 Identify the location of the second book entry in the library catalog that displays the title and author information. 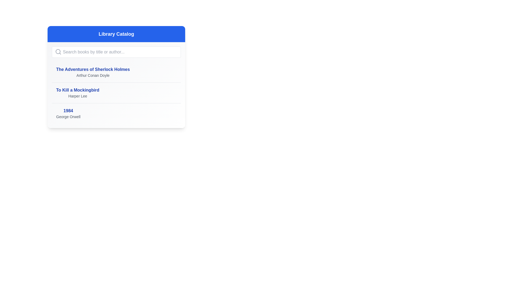
(77, 93).